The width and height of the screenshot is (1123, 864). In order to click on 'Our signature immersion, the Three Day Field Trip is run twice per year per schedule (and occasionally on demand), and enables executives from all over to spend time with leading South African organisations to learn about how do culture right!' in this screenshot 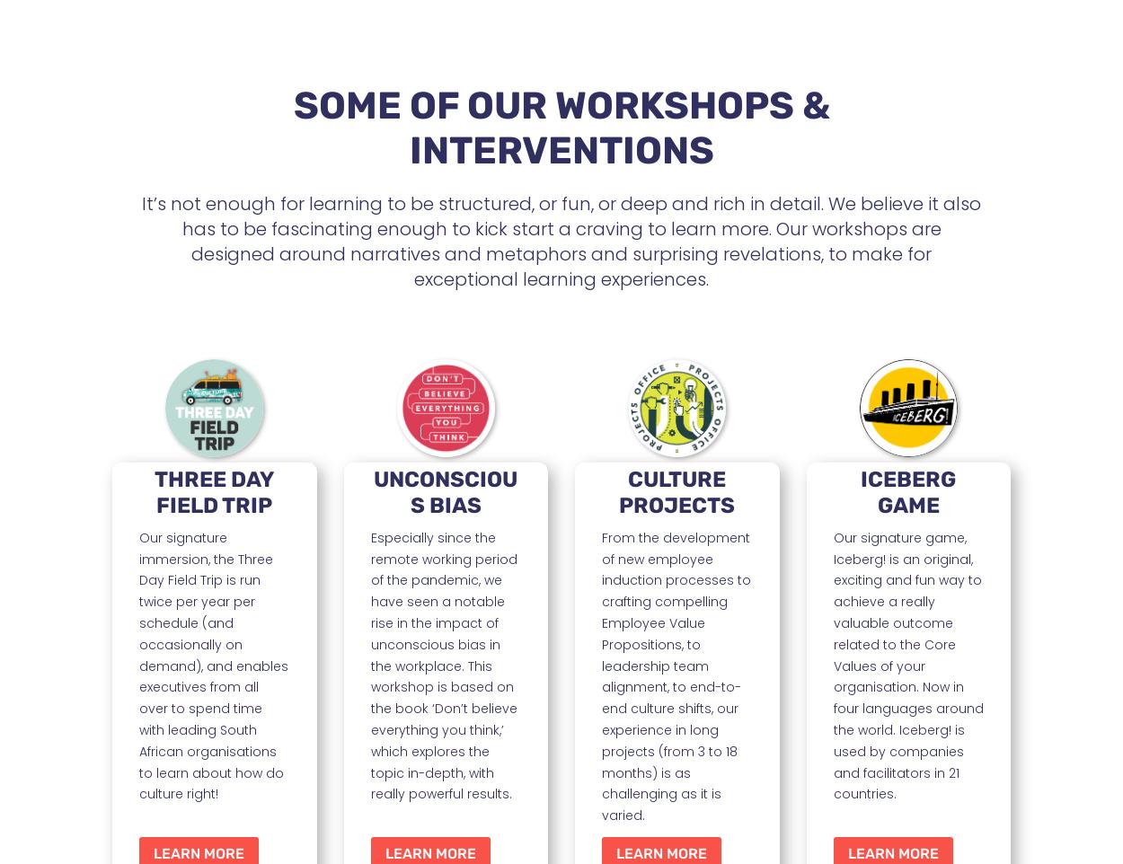, I will do `click(213, 666)`.